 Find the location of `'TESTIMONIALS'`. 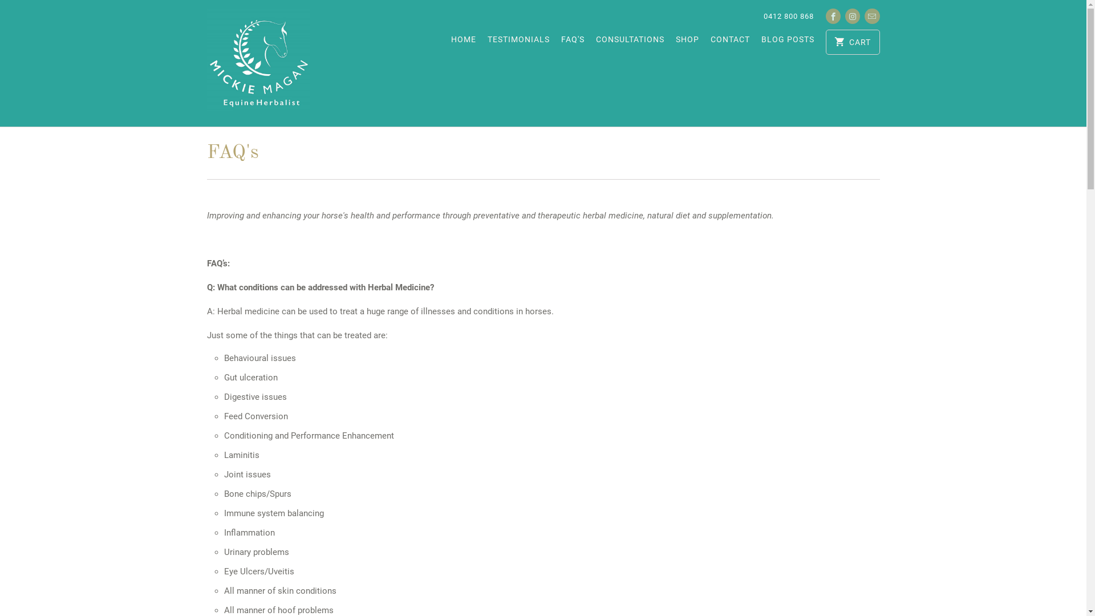

'TESTIMONIALS' is located at coordinates (487, 41).